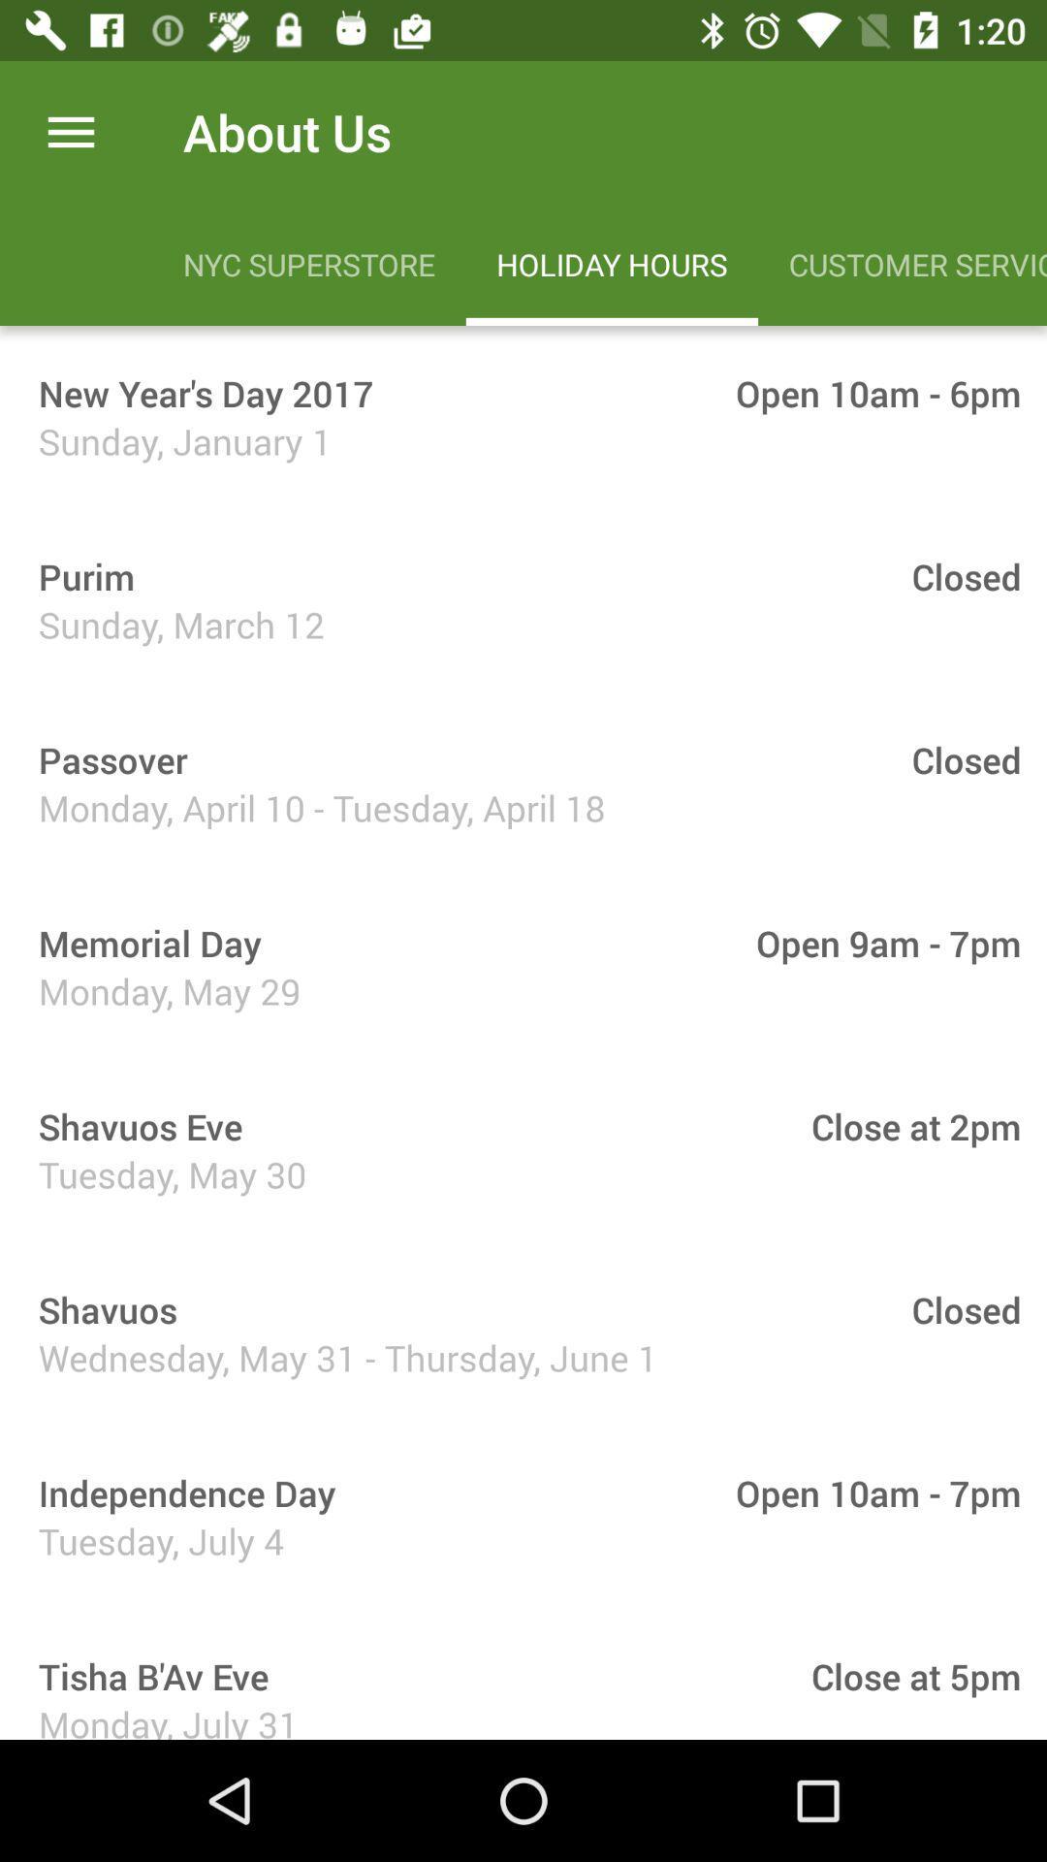  I want to click on the icon below sunday, march 12, so click(106, 758).